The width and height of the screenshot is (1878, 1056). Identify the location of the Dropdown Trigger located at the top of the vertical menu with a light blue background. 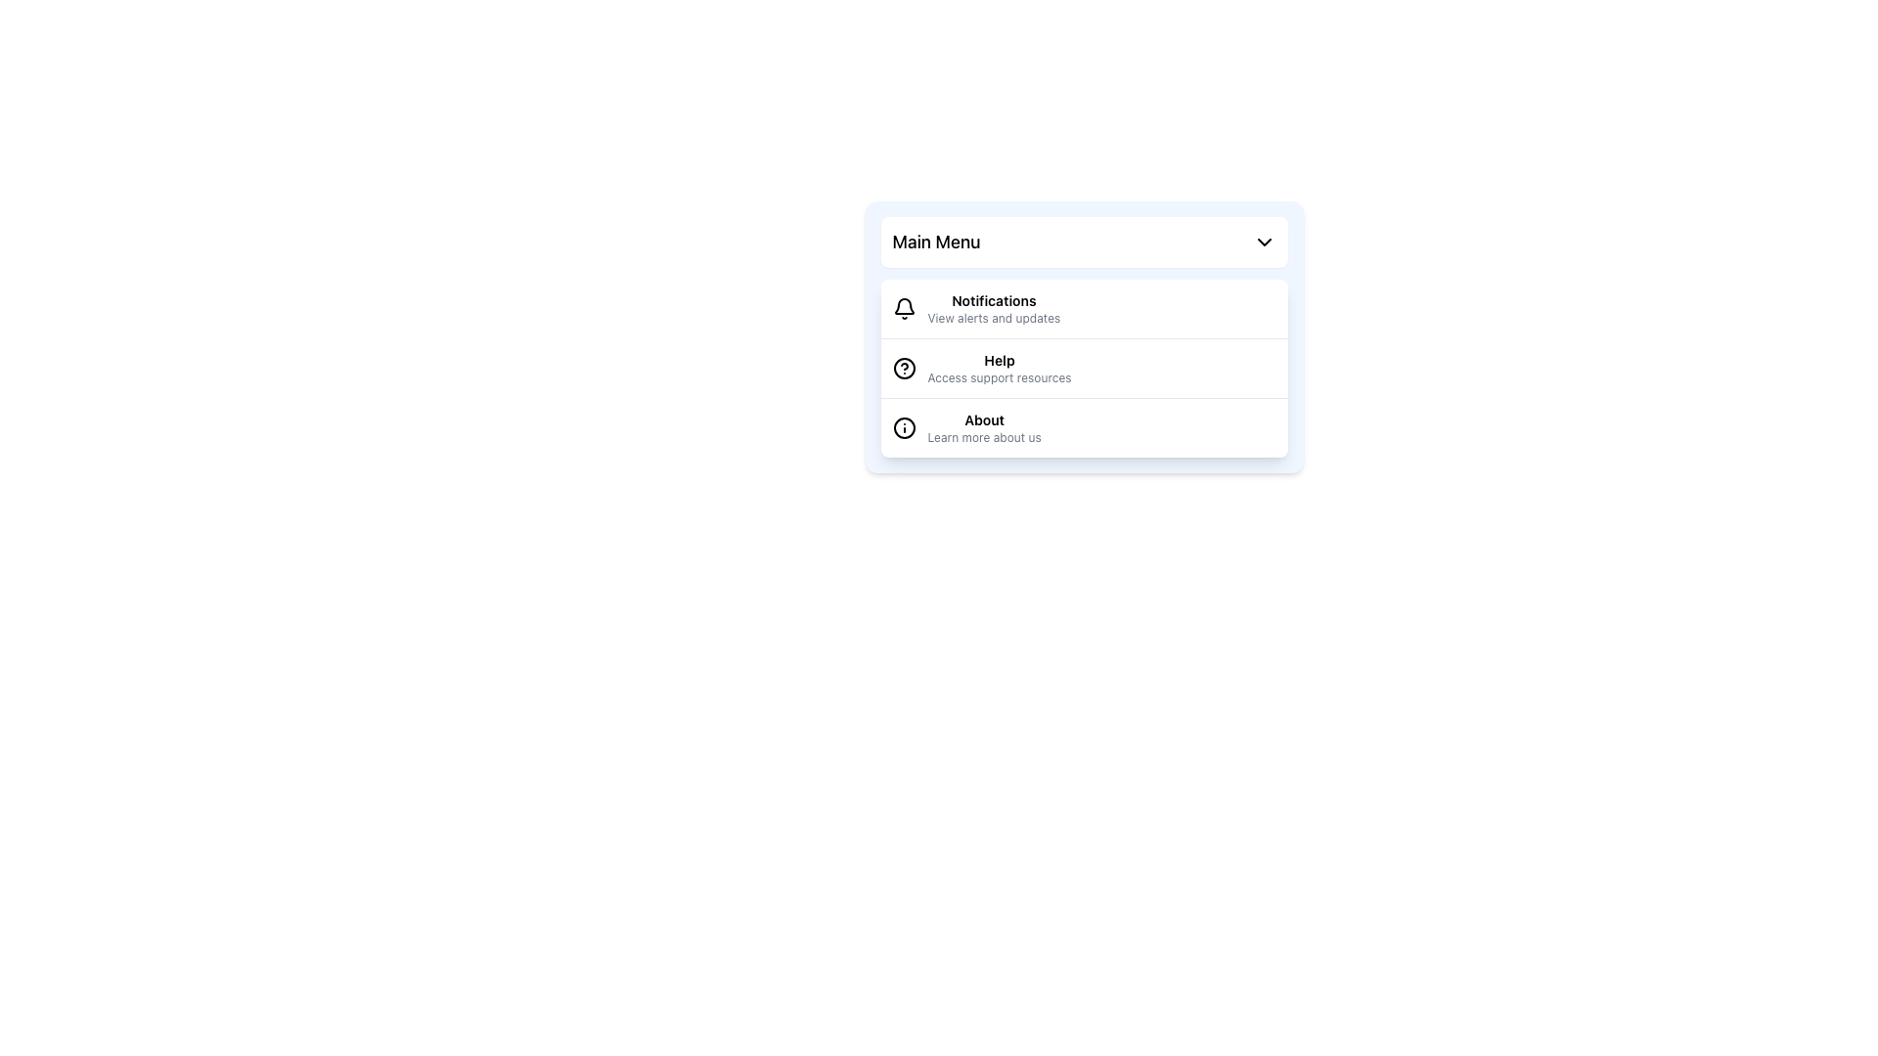
(1083, 241).